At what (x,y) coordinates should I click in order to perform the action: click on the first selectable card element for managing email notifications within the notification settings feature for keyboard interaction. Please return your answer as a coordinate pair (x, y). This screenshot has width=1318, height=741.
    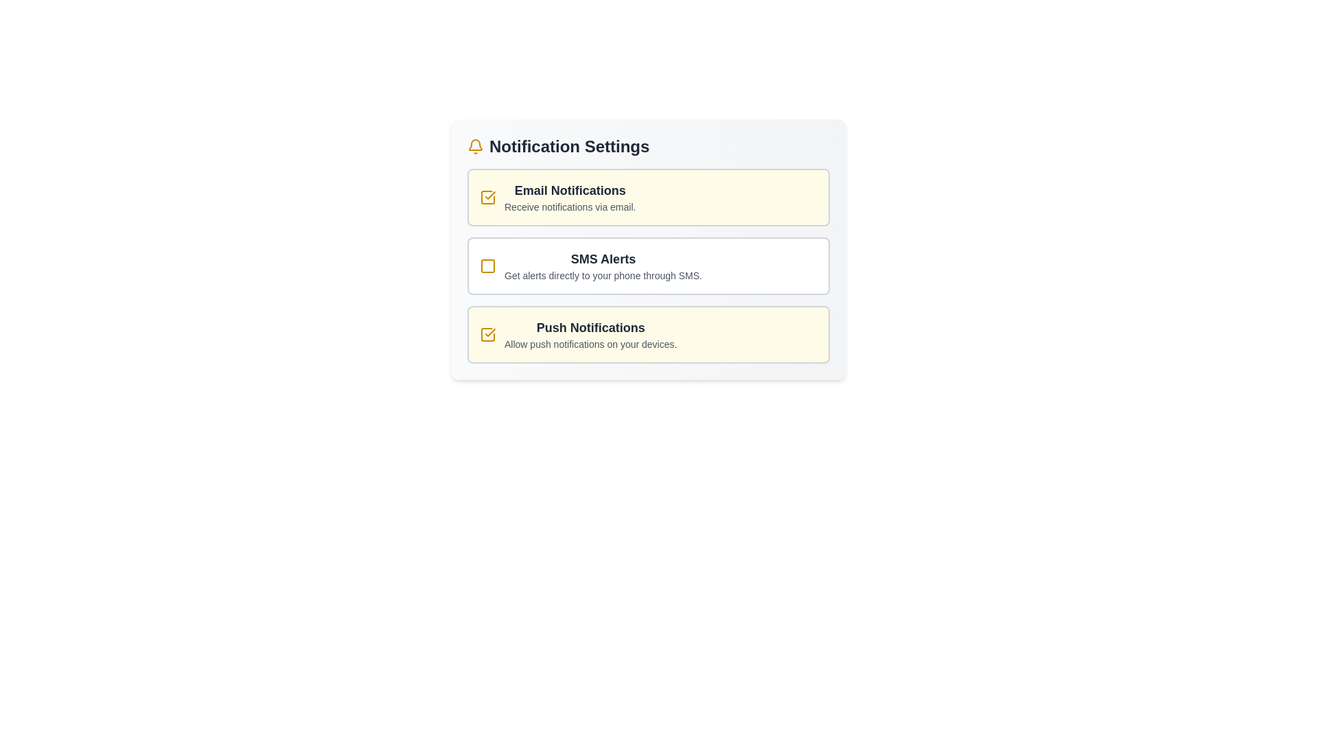
    Looking at the image, I should click on (648, 198).